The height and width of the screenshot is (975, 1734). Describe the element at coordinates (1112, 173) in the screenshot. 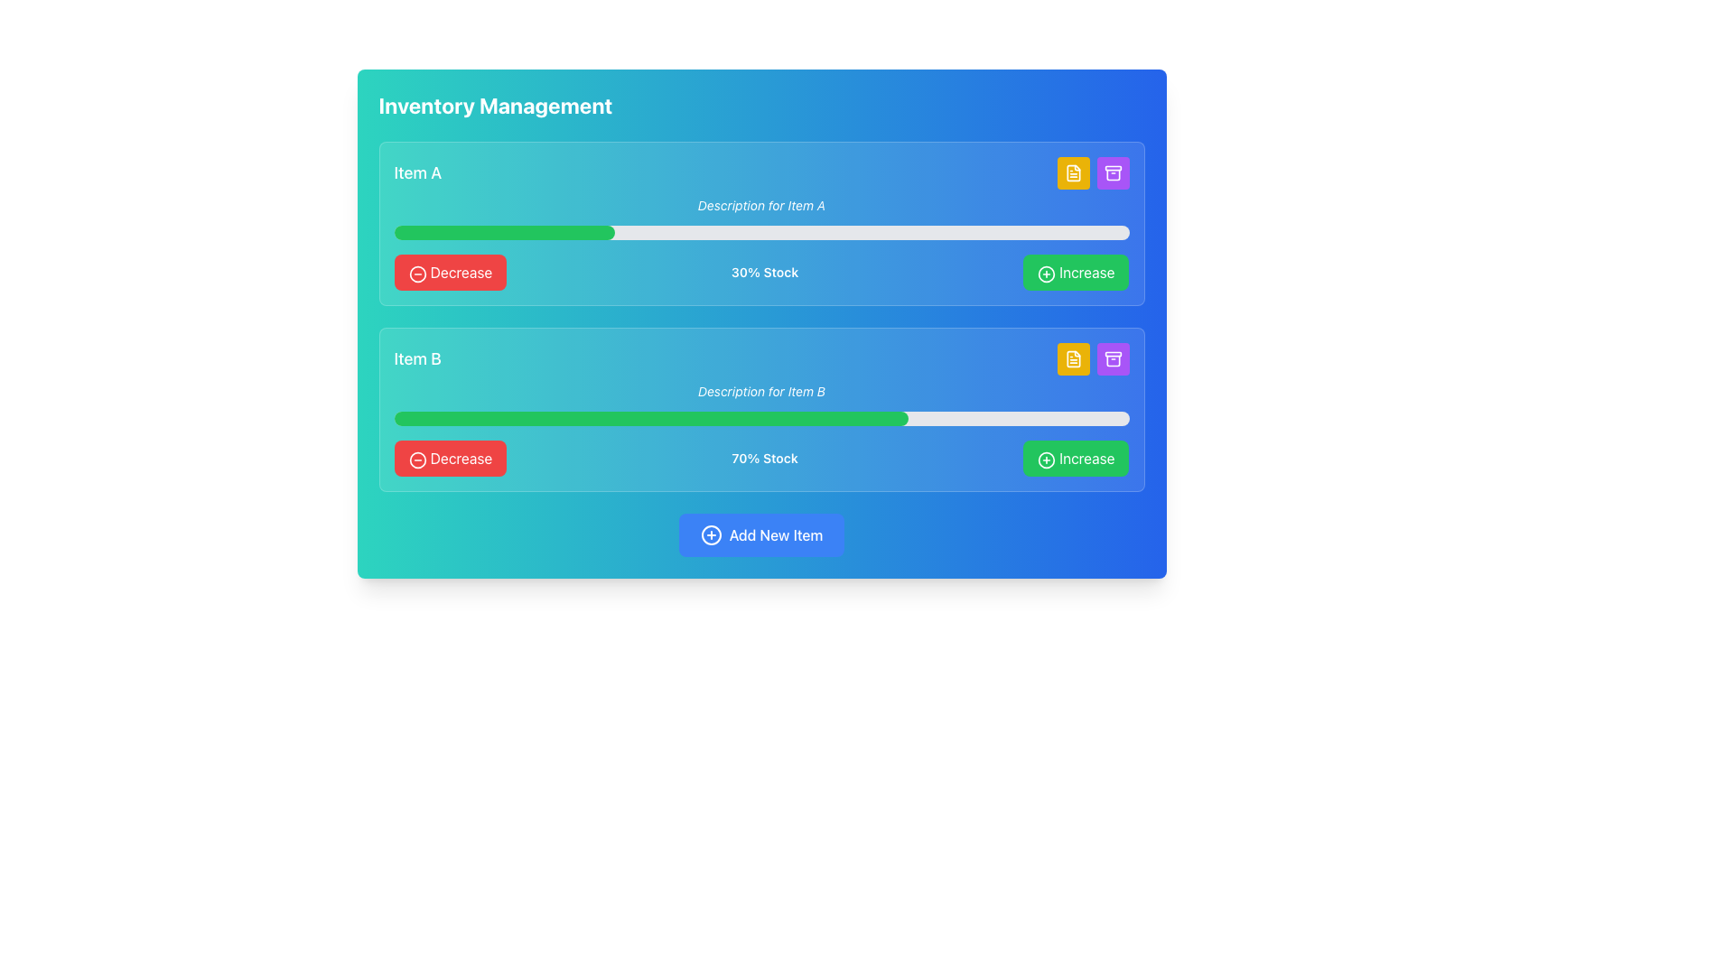

I see `the interactive button in the top-right corner of the 'Item A' section` at that location.